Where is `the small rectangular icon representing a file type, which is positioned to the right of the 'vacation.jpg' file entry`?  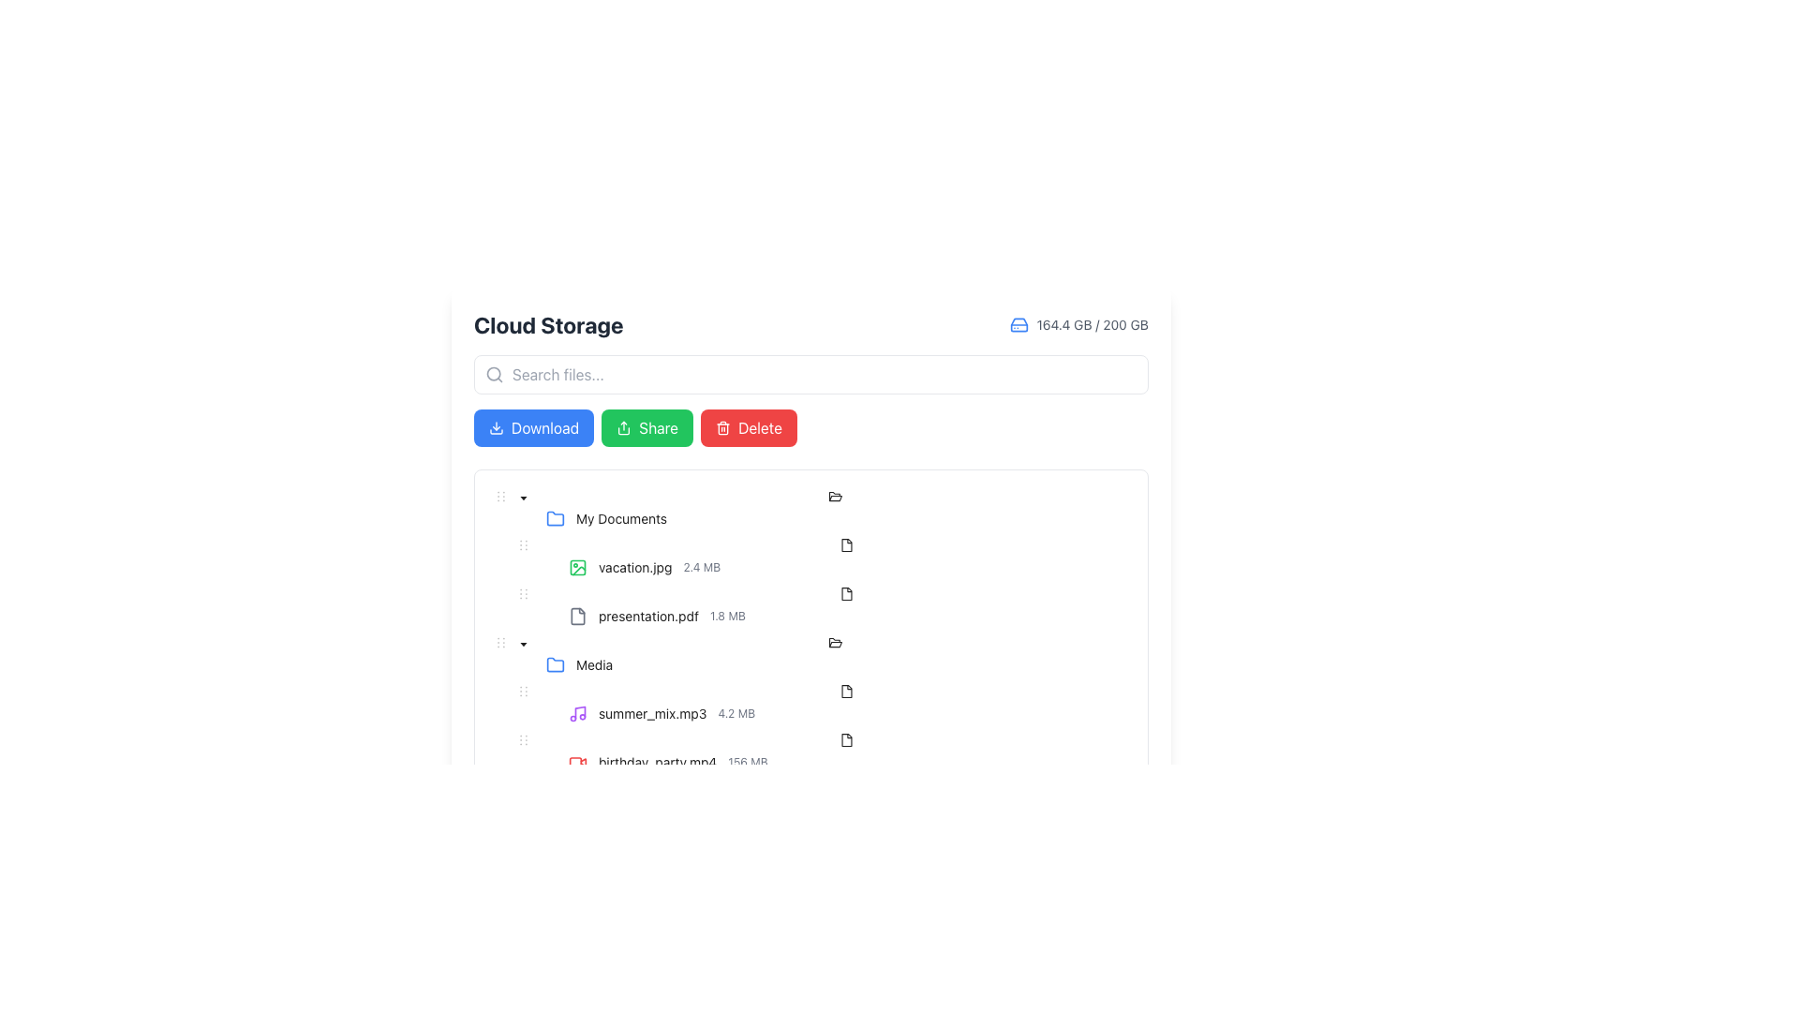
the small rectangular icon representing a file type, which is positioned to the right of the 'vacation.jpg' file entry is located at coordinates (845, 544).